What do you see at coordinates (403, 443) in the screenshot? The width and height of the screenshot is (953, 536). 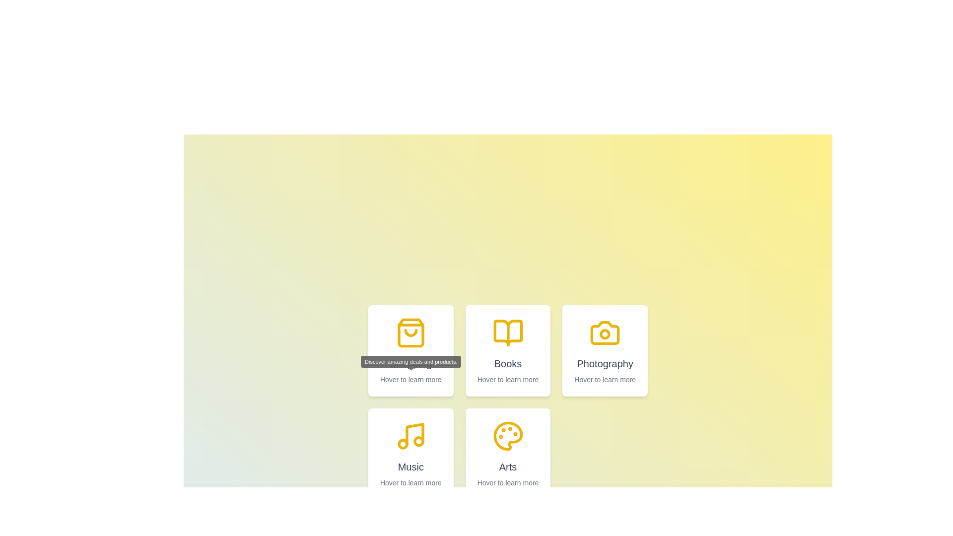 I see `the decorative circle element inside the 'Music' card, located in the second row, first column of the grid layout, positioned at the lower-left of the musical note icon` at bounding box center [403, 443].